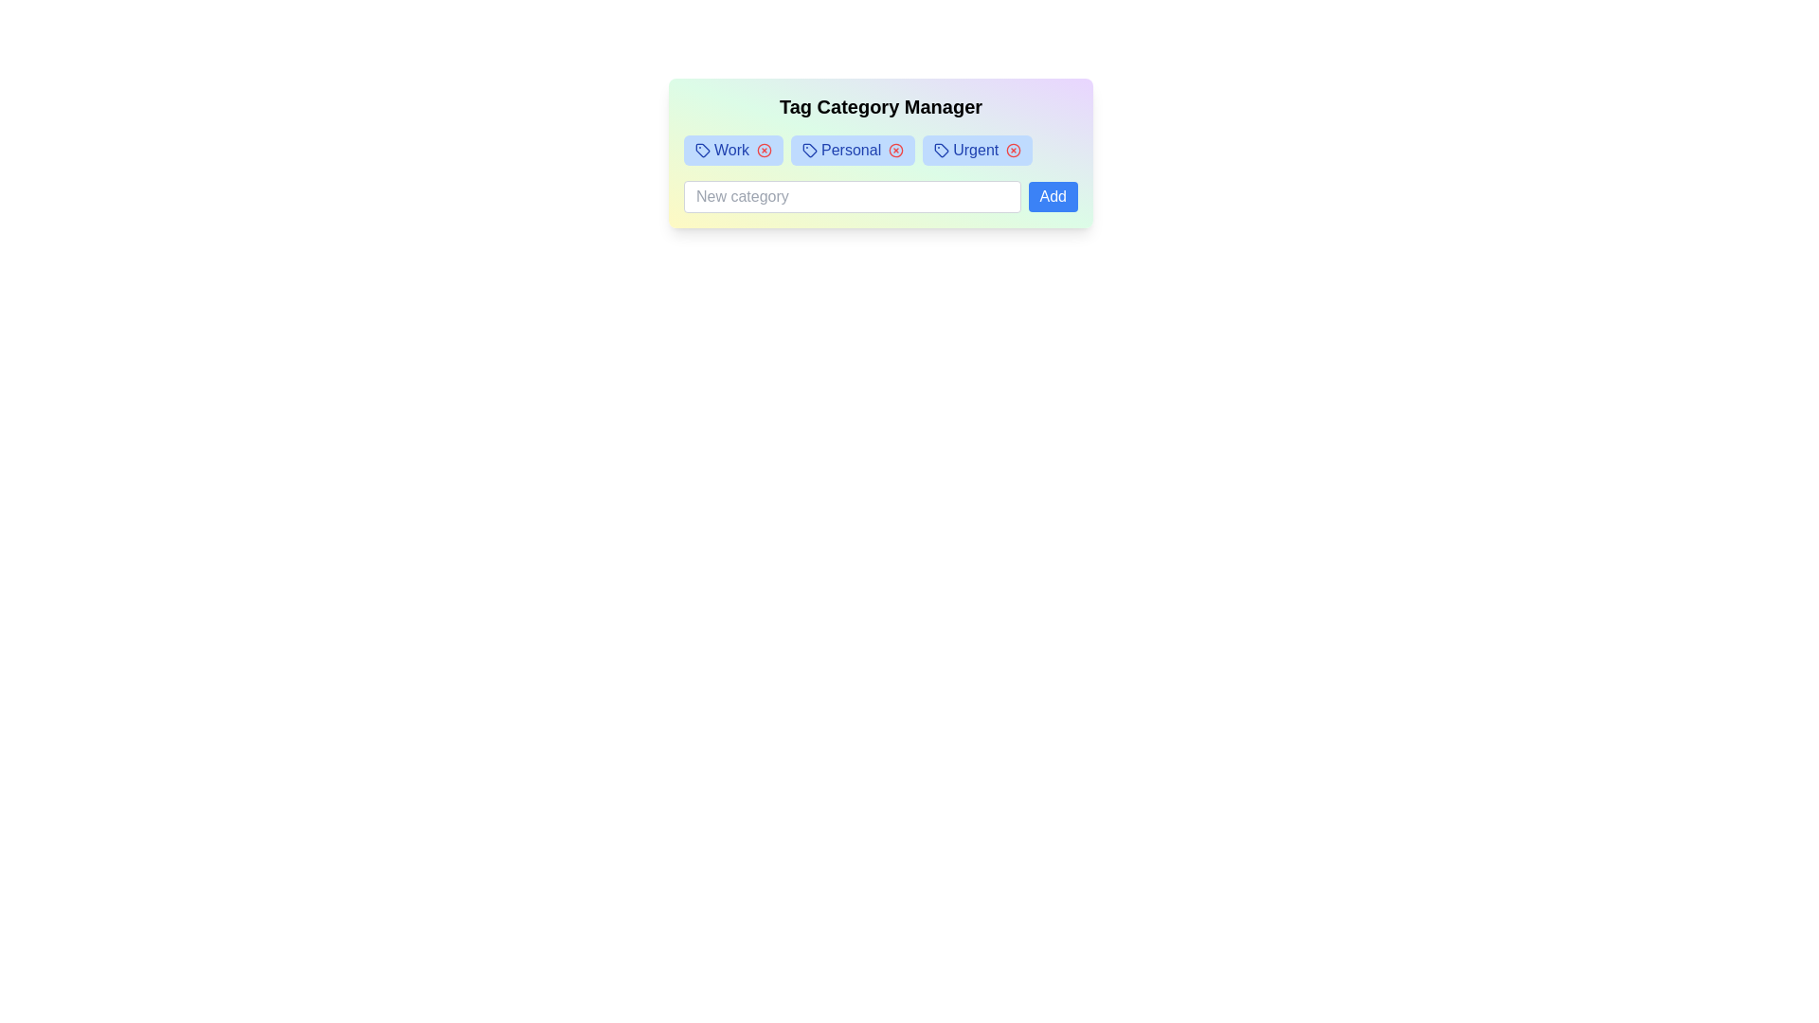 The image size is (1819, 1023). Describe the element at coordinates (1052, 197) in the screenshot. I see `the 'Add' button with a blue background and white text` at that location.